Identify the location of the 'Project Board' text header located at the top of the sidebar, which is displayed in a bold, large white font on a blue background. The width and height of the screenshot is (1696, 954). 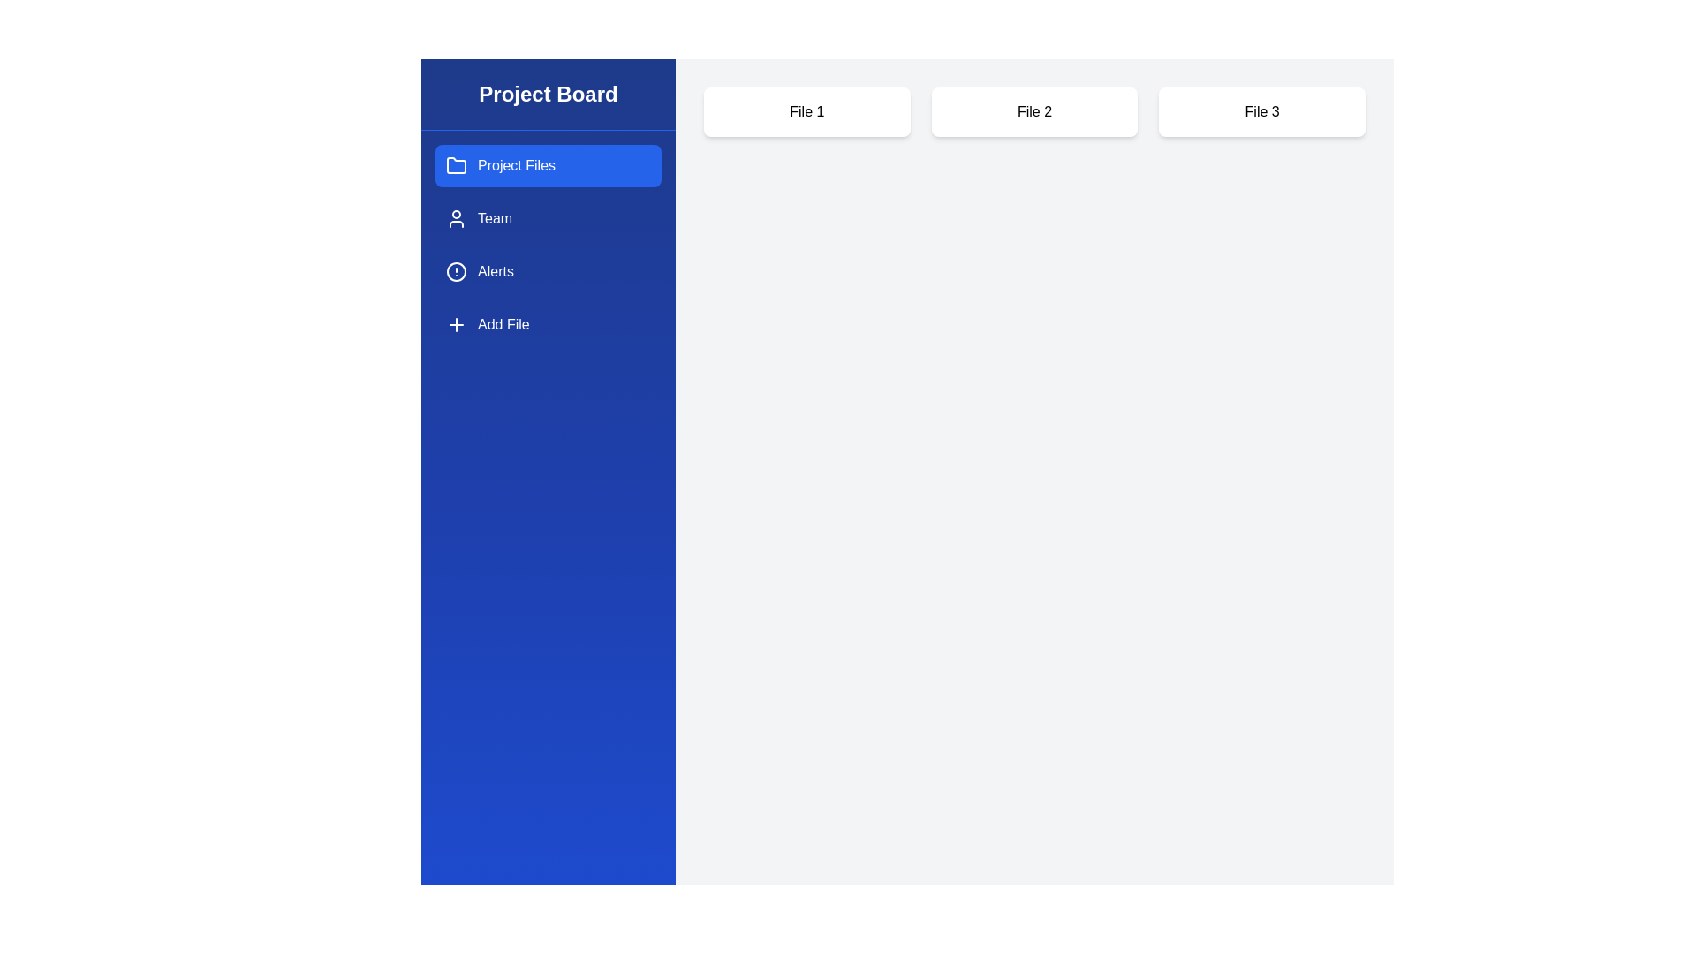
(547, 95).